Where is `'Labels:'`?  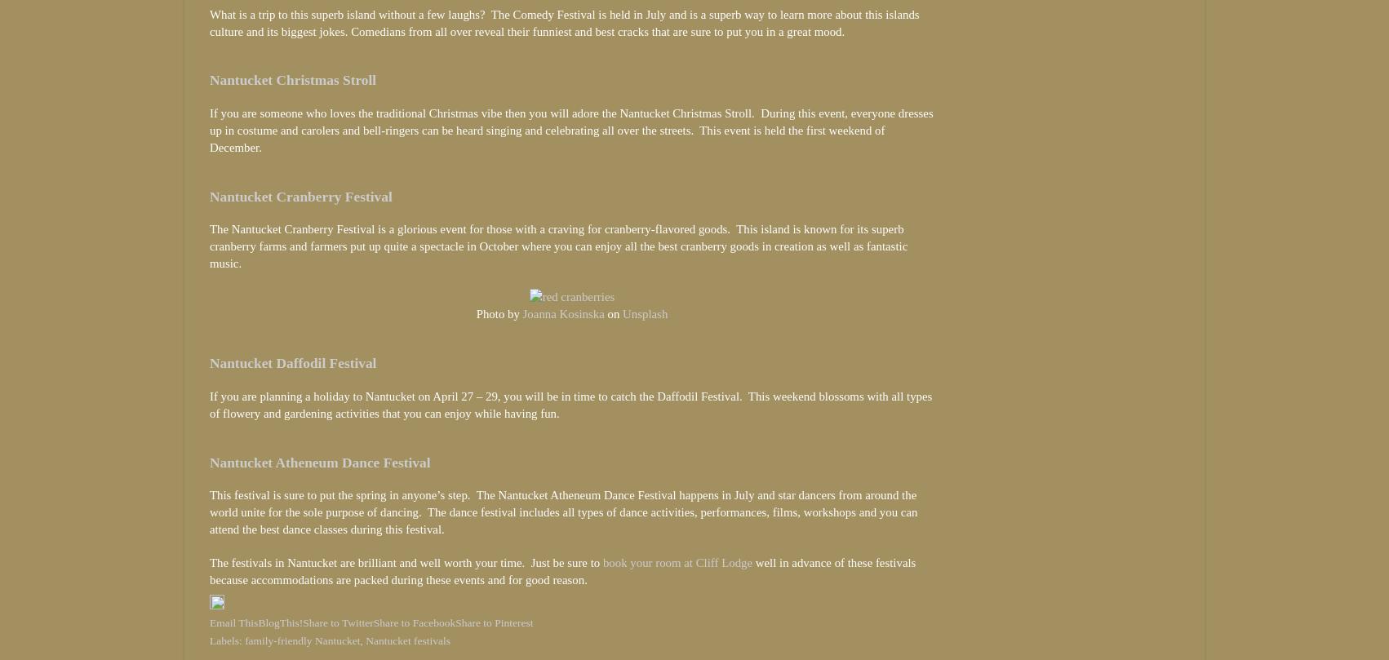 'Labels:' is located at coordinates (226, 639).